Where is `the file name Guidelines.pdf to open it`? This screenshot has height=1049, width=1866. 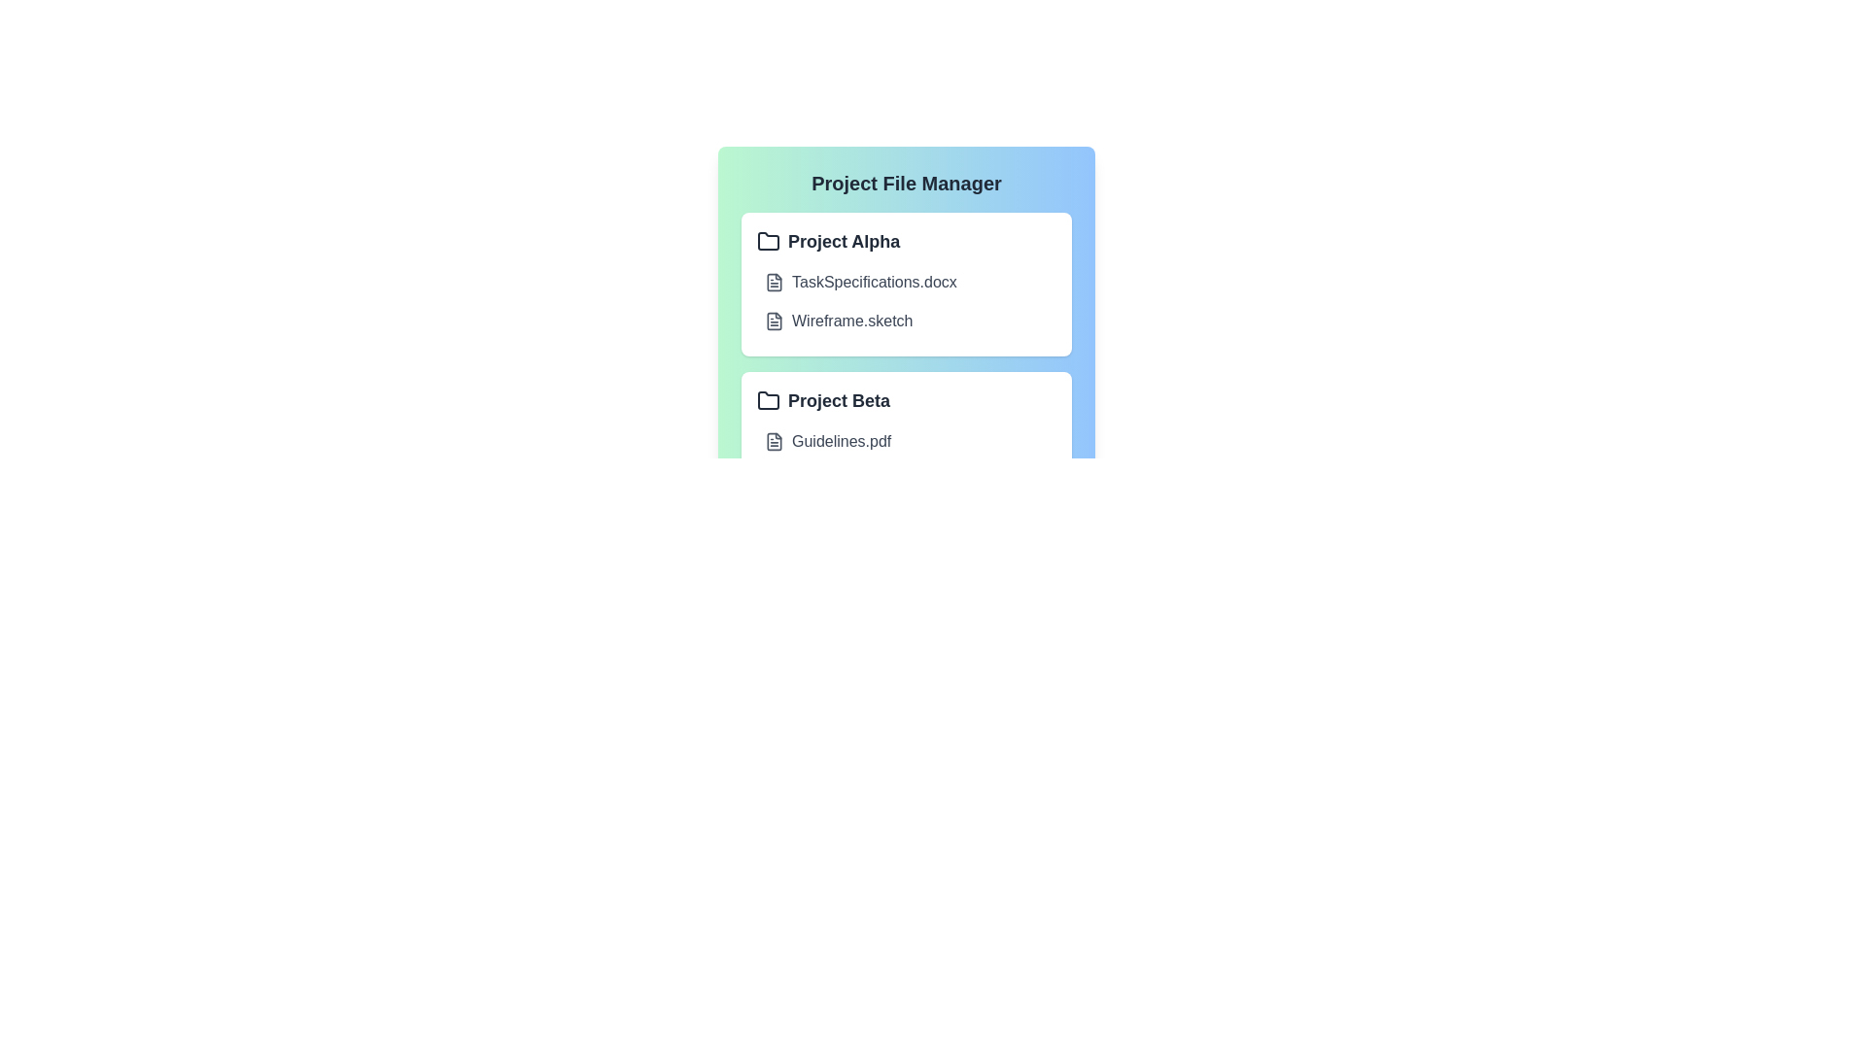
the file name Guidelines.pdf to open it is located at coordinates (842, 442).